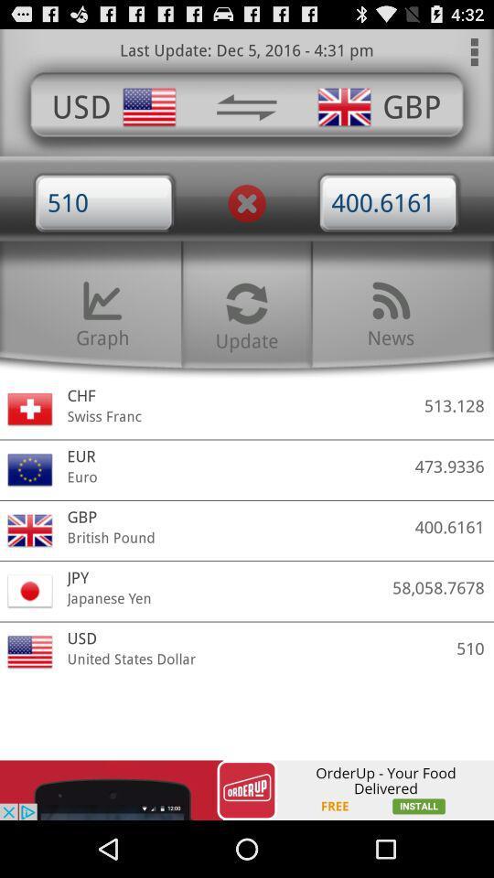 The image size is (494, 878). What do you see at coordinates (247, 314) in the screenshot?
I see `update` at bounding box center [247, 314].